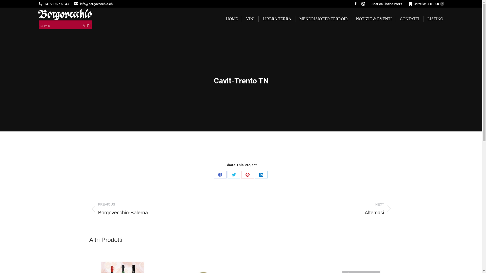 The height and width of the screenshot is (273, 486). Describe the element at coordinates (372, 4) in the screenshot. I see `'Scarica Listino Prezzi'` at that location.